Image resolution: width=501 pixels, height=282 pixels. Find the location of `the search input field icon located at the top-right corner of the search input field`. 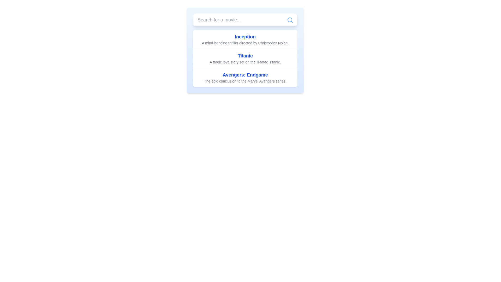

the search input field icon located at the top-right corner of the search input field is located at coordinates (290, 20).